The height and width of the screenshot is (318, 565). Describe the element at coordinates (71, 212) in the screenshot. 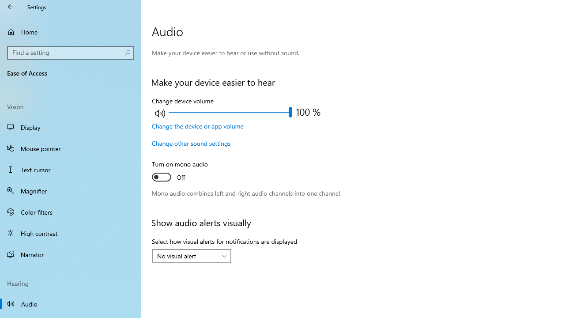

I see `'Color filters'` at that location.